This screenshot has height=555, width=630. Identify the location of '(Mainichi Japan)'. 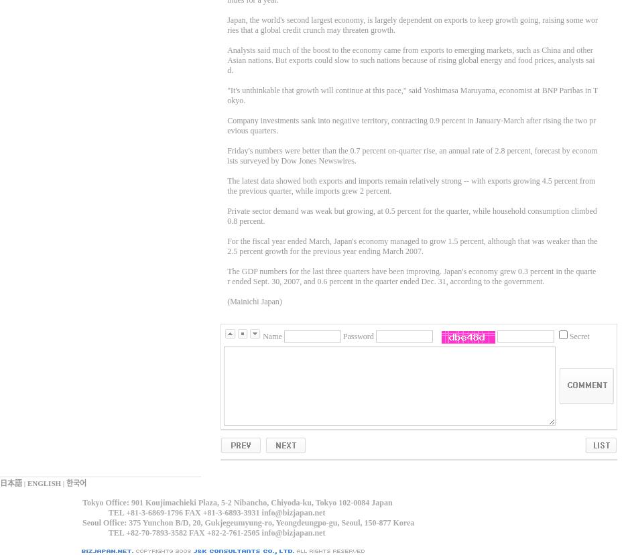
(253, 301).